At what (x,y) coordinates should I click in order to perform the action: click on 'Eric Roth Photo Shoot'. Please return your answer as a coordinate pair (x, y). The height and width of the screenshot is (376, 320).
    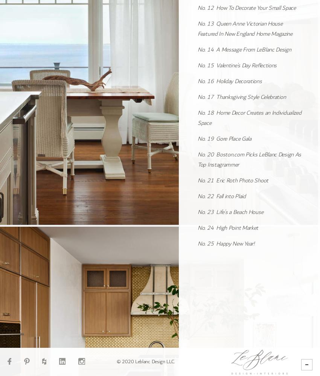
    Looking at the image, I should click on (216, 180).